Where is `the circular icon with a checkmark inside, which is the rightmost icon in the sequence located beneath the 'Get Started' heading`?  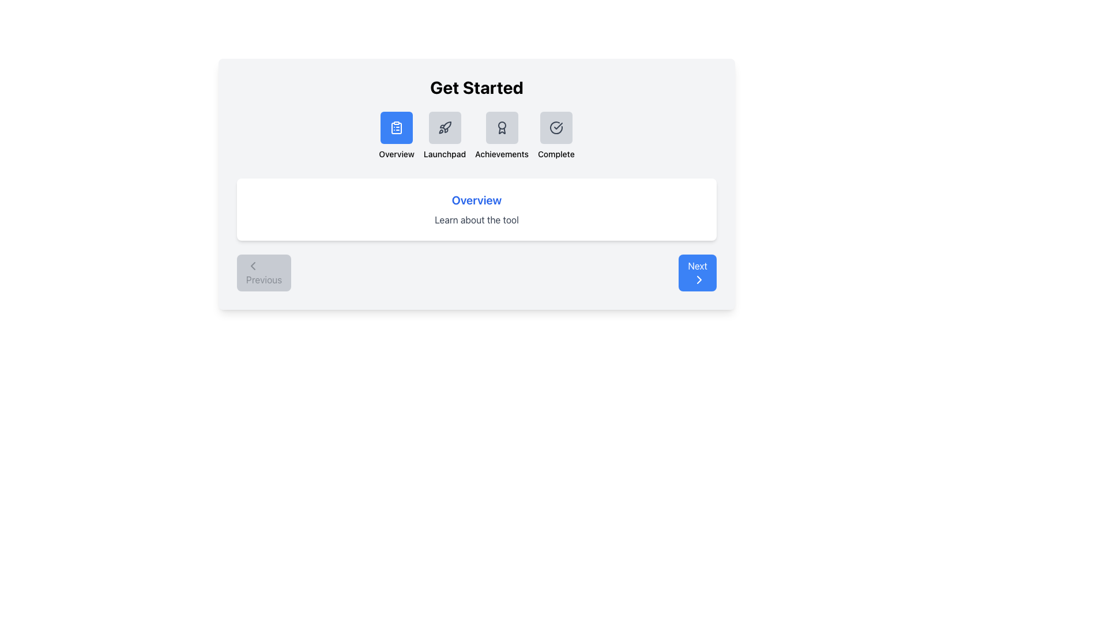 the circular icon with a checkmark inside, which is the rightmost icon in the sequence located beneath the 'Get Started' heading is located at coordinates (556, 128).